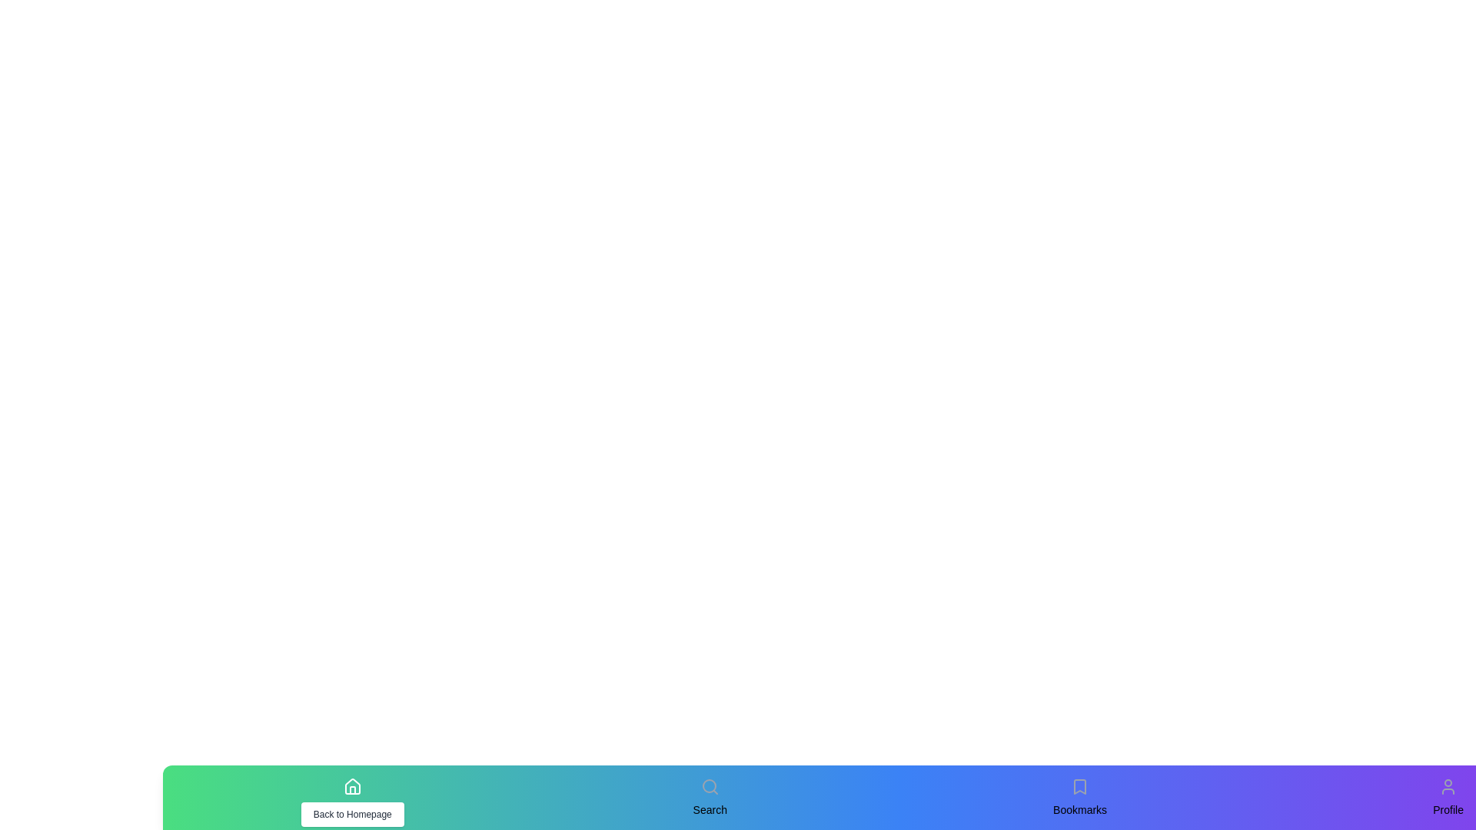 Image resolution: width=1476 pixels, height=830 pixels. What do you see at coordinates (351, 786) in the screenshot?
I see `the tab labeled Home to activate its functionality` at bounding box center [351, 786].